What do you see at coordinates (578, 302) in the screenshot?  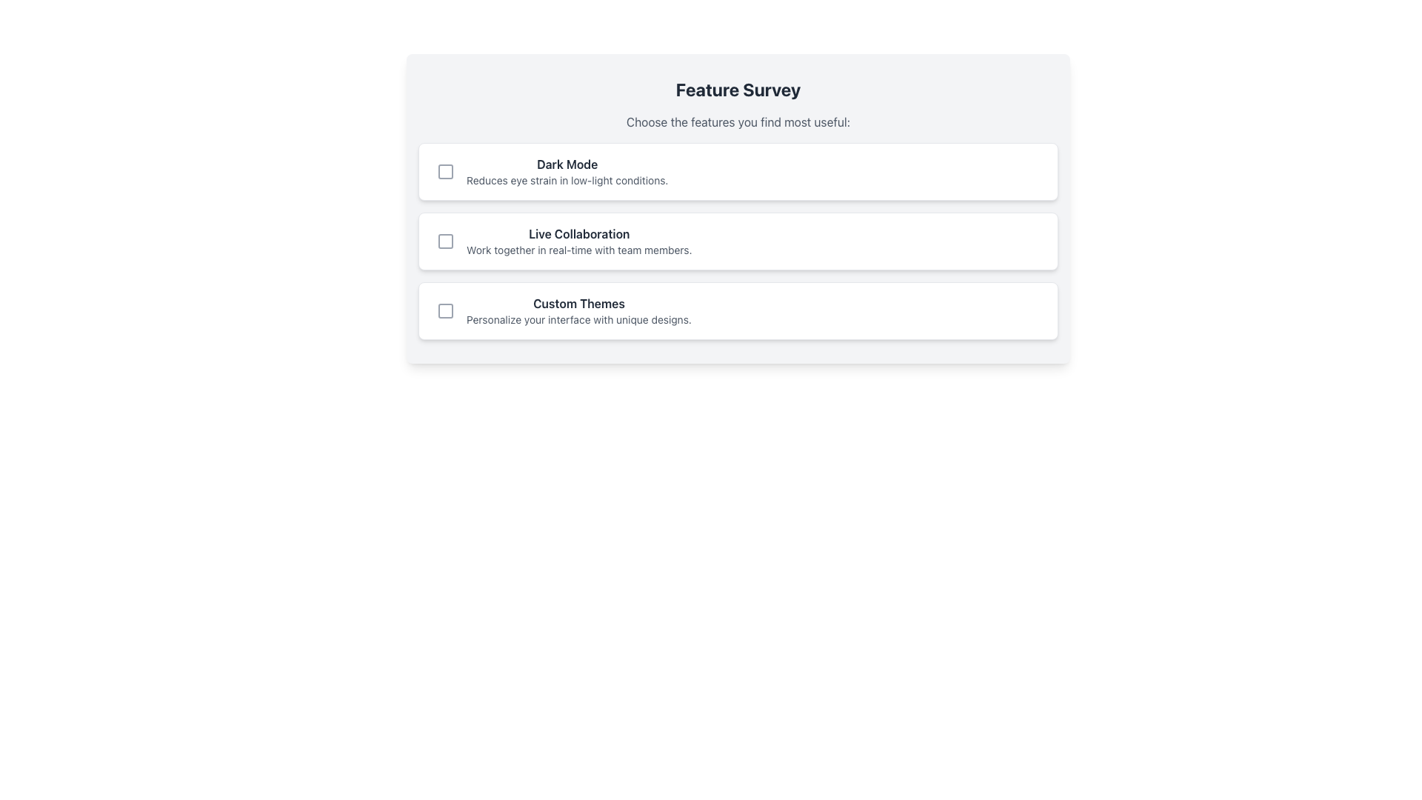 I see `the 'Custom Themes' text label, which is styled in bold dark gray and located above the descriptive text in the third feature block of the survey list` at bounding box center [578, 302].